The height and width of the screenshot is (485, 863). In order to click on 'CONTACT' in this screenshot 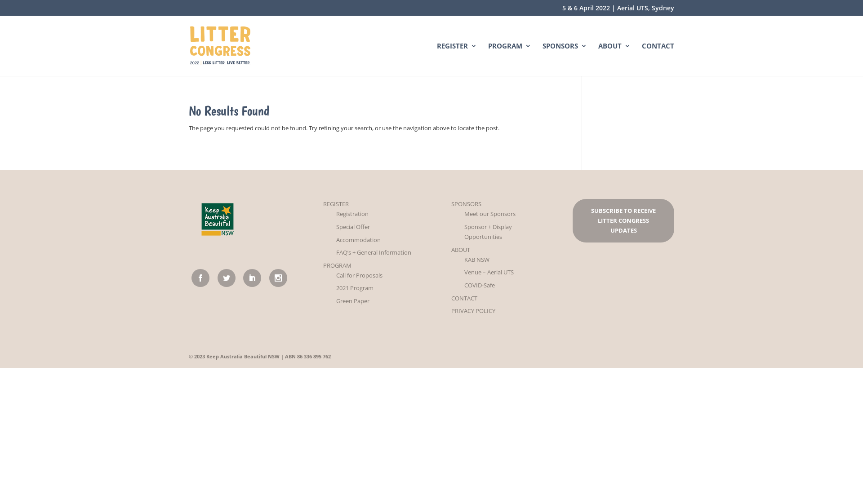, I will do `click(451, 298)`.